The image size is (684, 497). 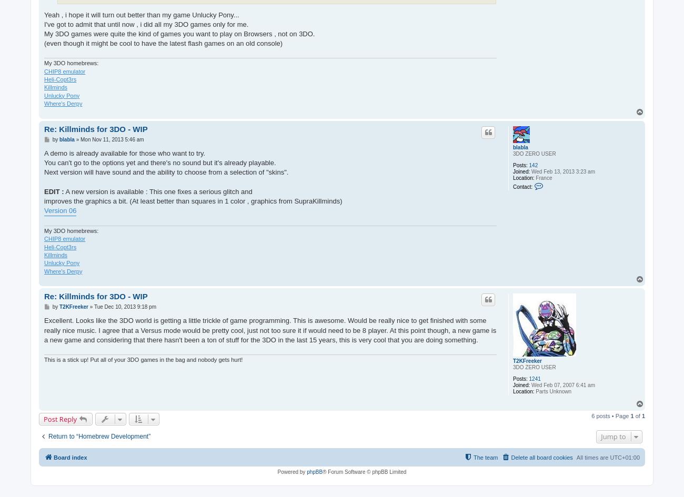 I want to click on 'All times are', so click(x=592, y=457).